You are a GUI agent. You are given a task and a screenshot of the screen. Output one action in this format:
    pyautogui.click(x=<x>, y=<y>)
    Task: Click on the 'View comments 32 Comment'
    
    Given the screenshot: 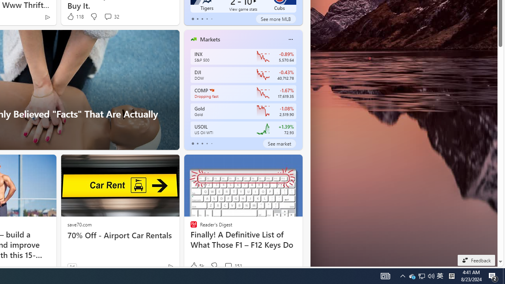 What is the action you would take?
    pyautogui.click(x=107, y=16)
    